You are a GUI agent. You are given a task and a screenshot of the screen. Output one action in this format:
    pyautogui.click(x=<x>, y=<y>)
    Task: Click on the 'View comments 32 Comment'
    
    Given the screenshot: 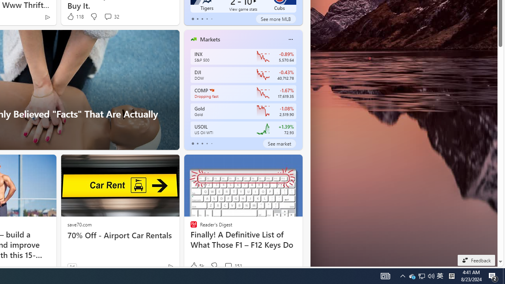 What is the action you would take?
    pyautogui.click(x=107, y=16)
    